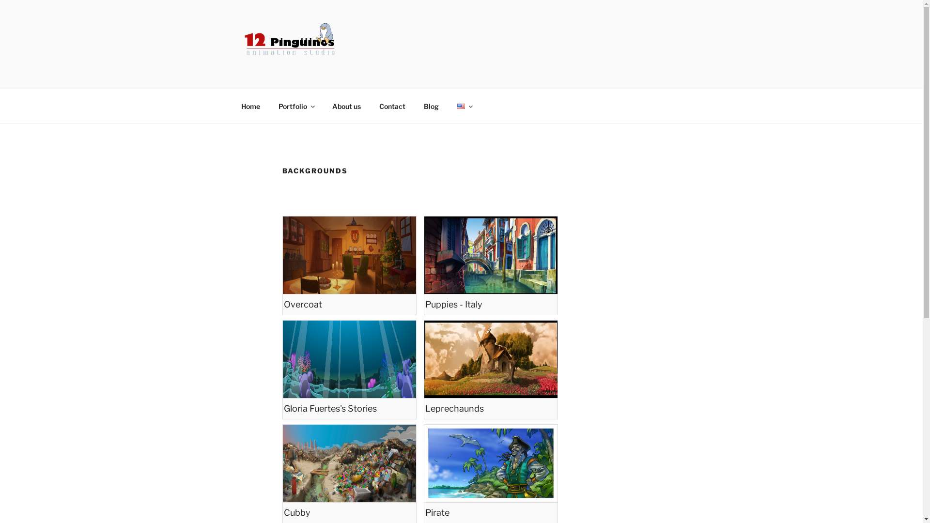  Describe the element at coordinates (0, 0) in the screenshot. I see `'Skip to content'` at that location.